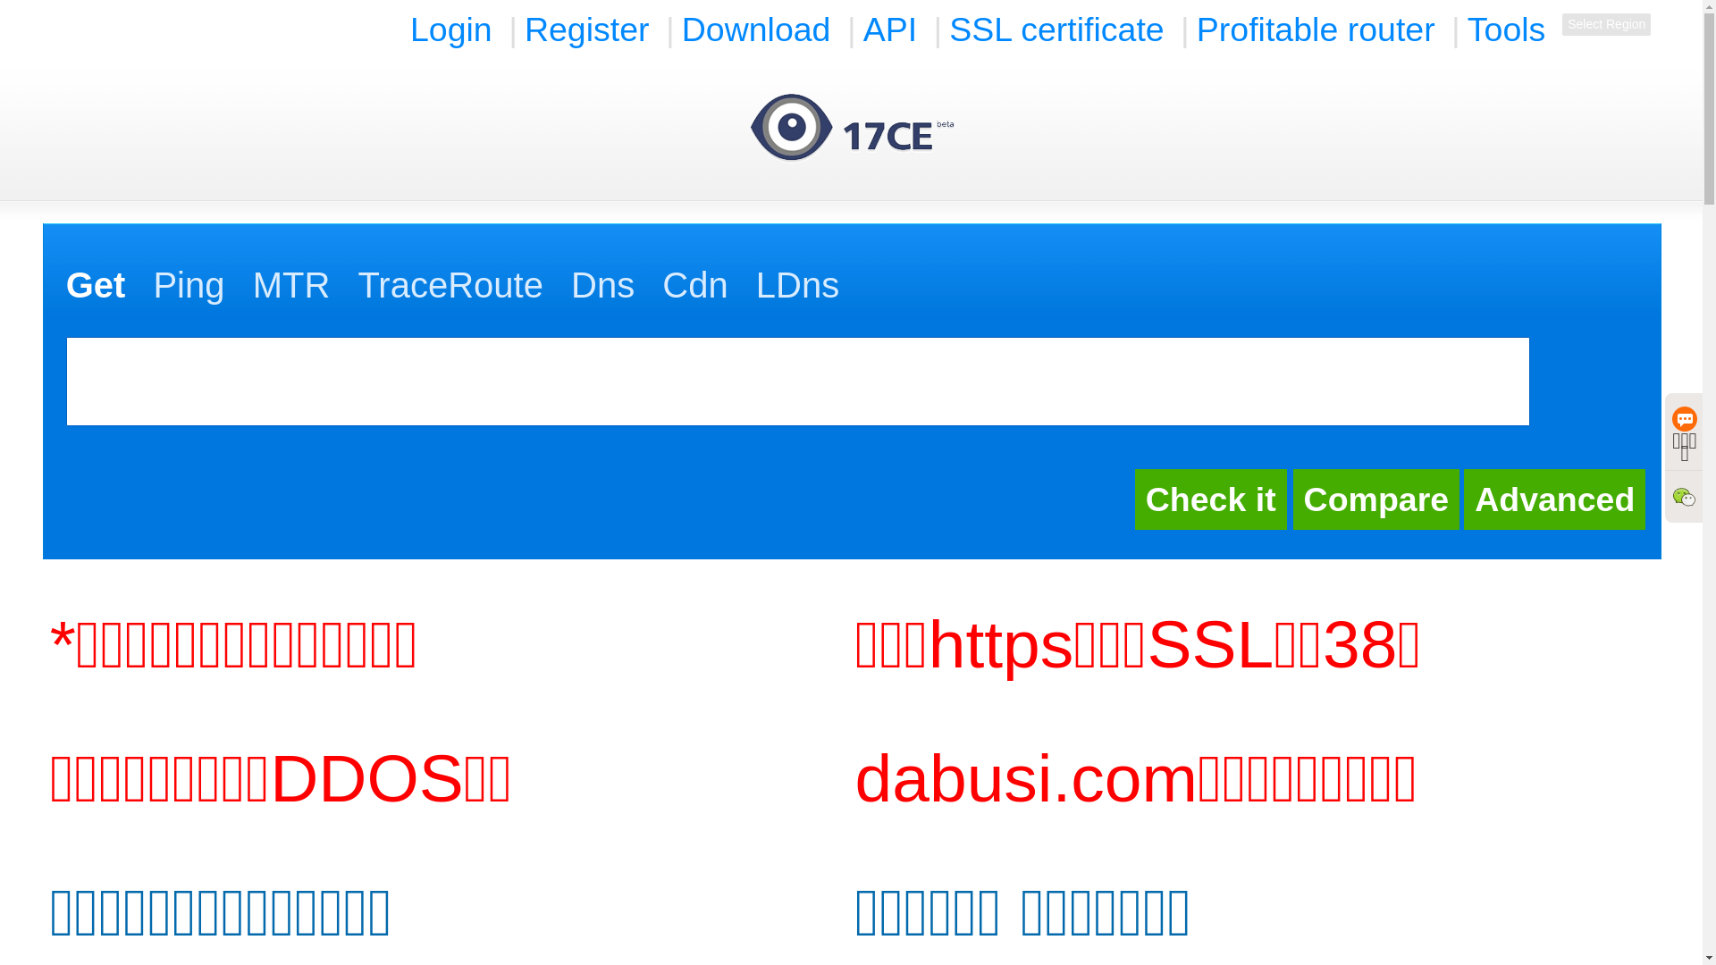 This screenshot has height=965, width=1716. Describe the element at coordinates (153, 284) in the screenshot. I see `'Ping'` at that location.